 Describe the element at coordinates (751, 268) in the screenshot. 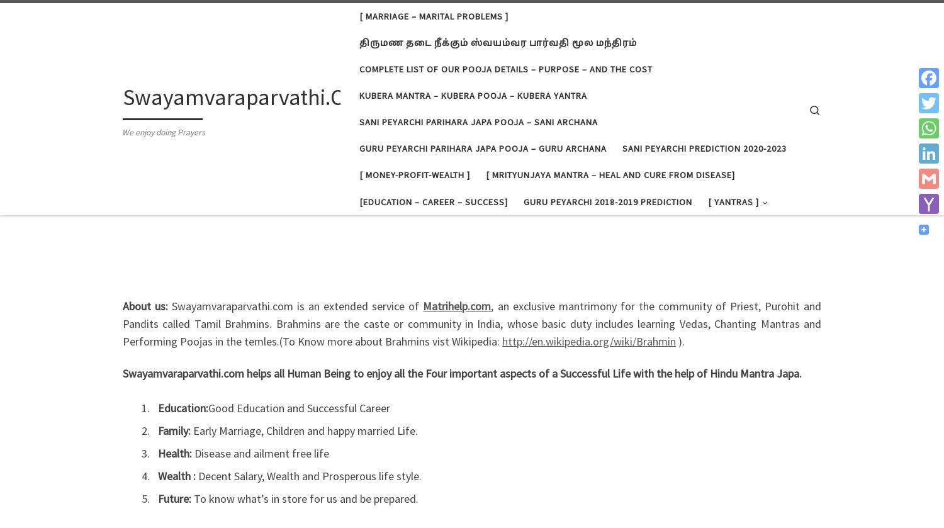

I see `'Guru Yantra'` at that location.